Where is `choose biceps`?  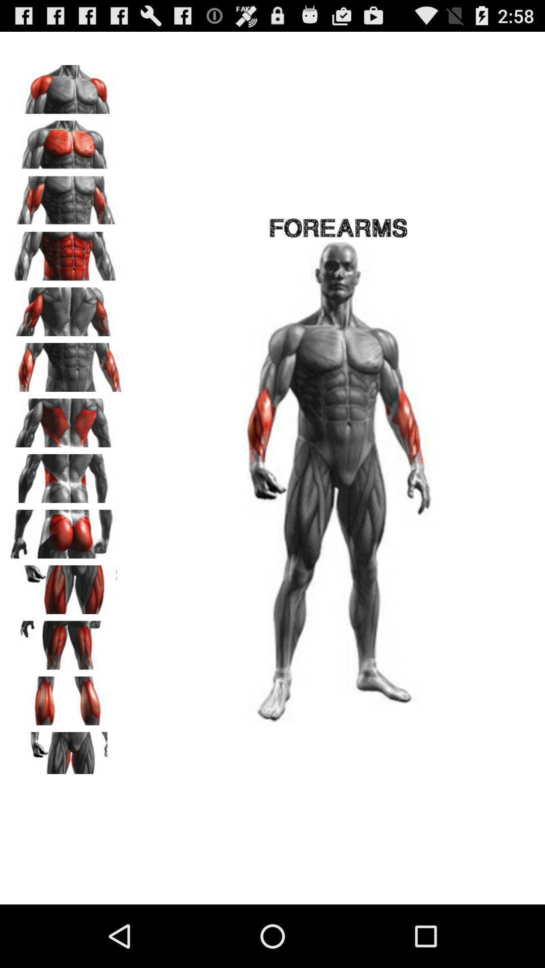 choose biceps is located at coordinates (66, 197).